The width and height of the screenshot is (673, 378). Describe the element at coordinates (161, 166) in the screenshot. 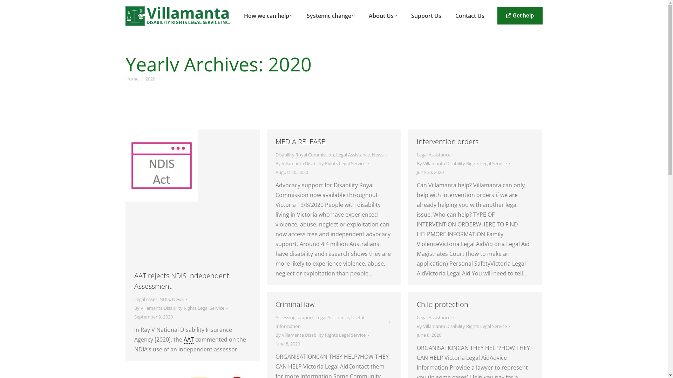

I see `'NDIS Act img'` at that location.